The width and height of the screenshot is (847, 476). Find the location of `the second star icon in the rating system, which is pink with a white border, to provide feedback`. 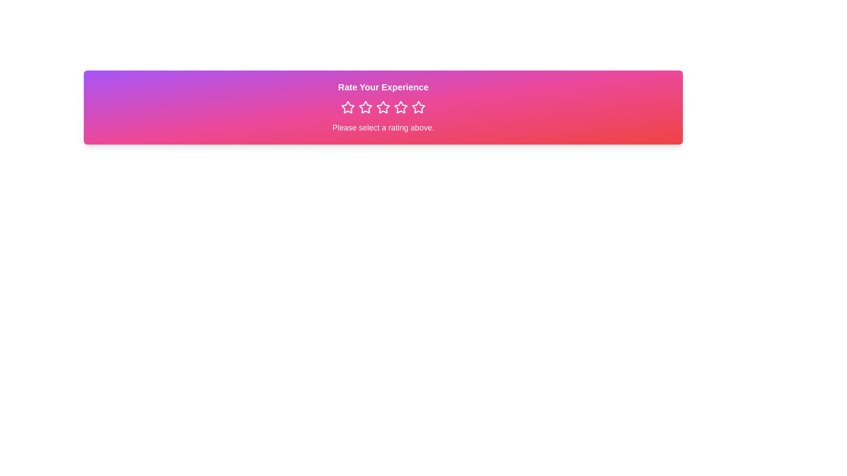

the second star icon in the rating system, which is pink with a white border, to provide feedback is located at coordinates (366, 107).